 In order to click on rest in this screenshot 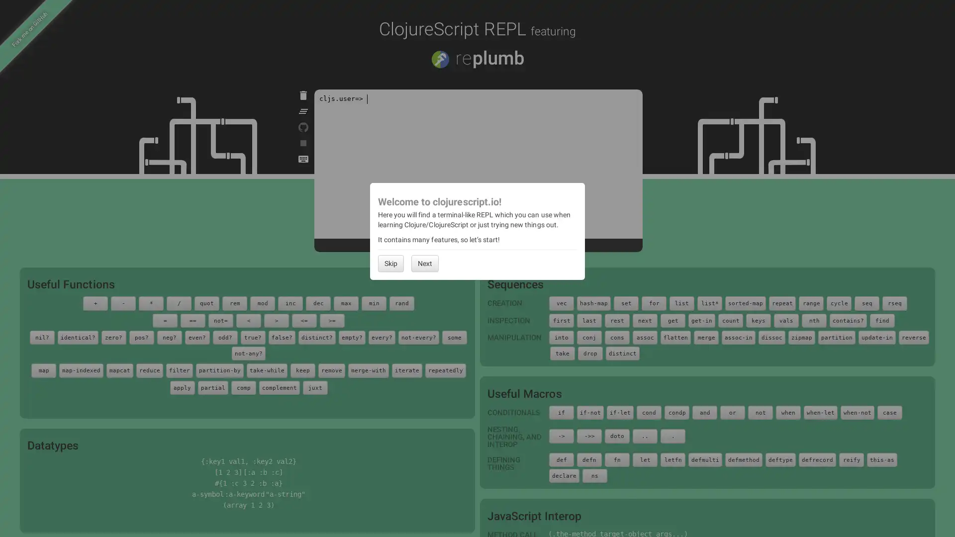, I will do `click(617, 320)`.